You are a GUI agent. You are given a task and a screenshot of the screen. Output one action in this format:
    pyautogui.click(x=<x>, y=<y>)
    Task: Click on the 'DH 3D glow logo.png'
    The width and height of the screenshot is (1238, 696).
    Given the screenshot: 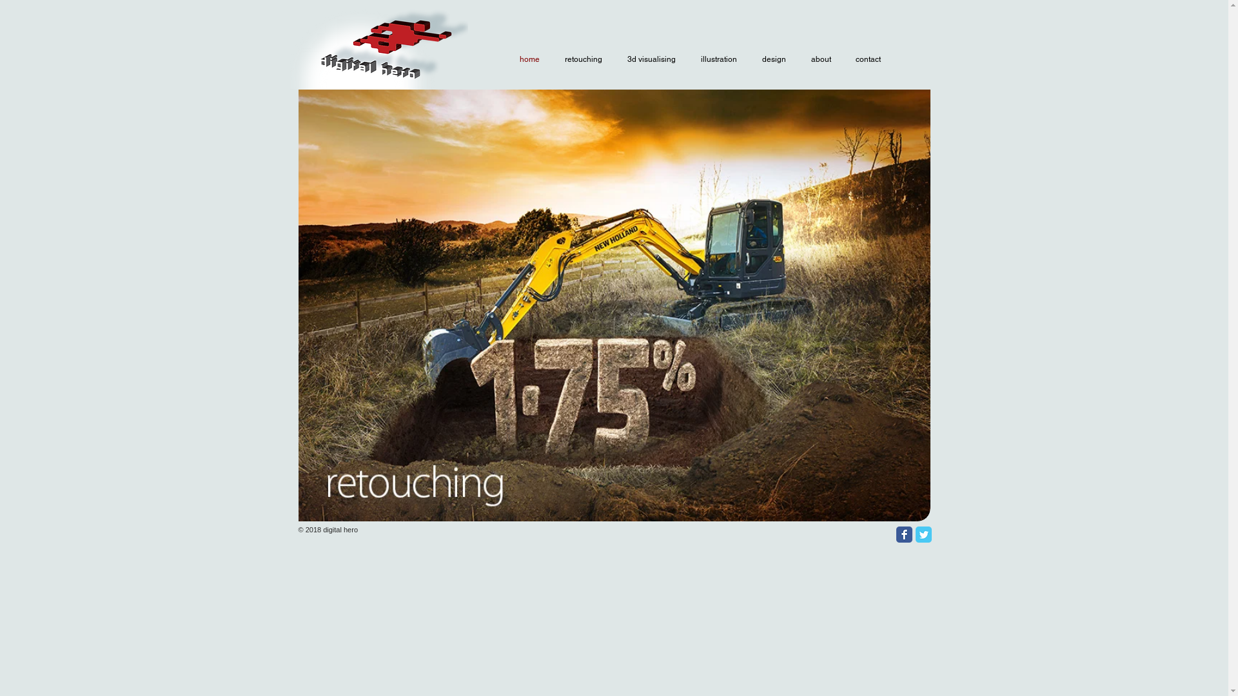 What is the action you would take?
    pyautogui.click(x=378, y=88)
    